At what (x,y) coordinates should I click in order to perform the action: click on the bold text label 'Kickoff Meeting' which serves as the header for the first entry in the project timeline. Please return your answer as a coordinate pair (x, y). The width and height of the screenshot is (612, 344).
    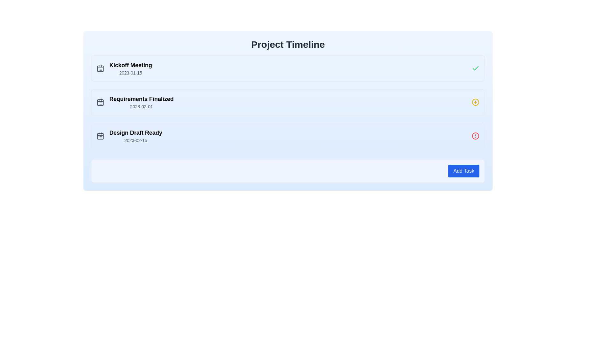
    Looking at the image, I should click on (130, 65).